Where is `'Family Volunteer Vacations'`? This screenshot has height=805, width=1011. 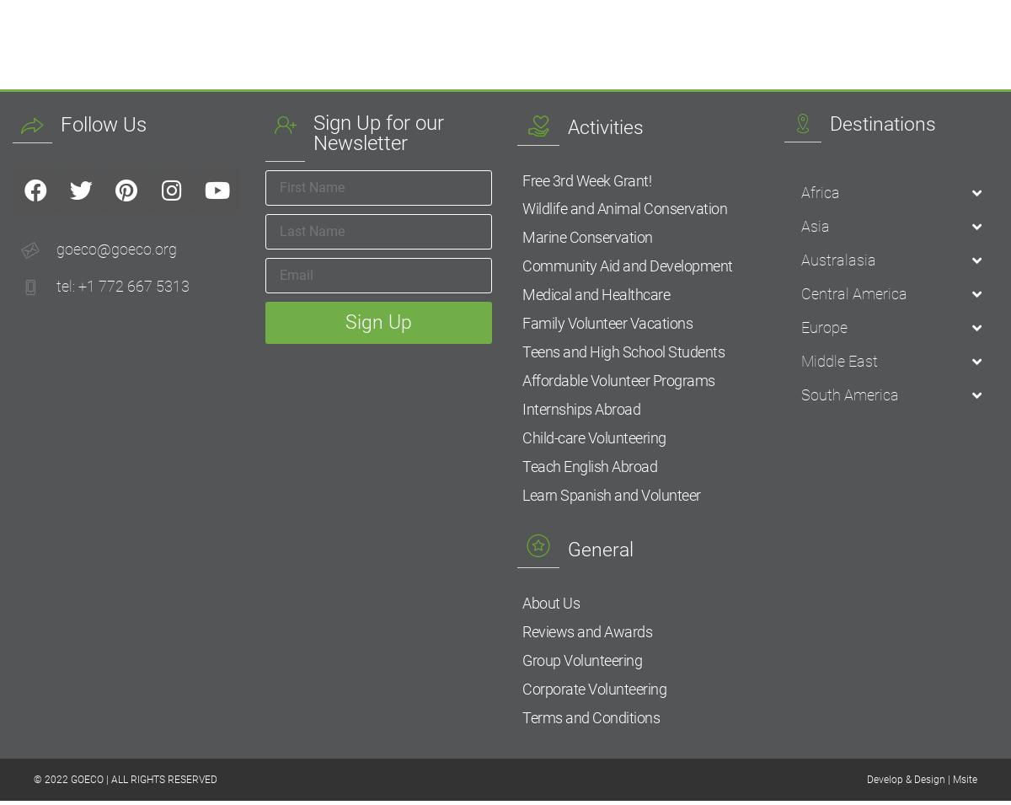 'Family Volunteer Vacations' is located at coordinates (522, 325).